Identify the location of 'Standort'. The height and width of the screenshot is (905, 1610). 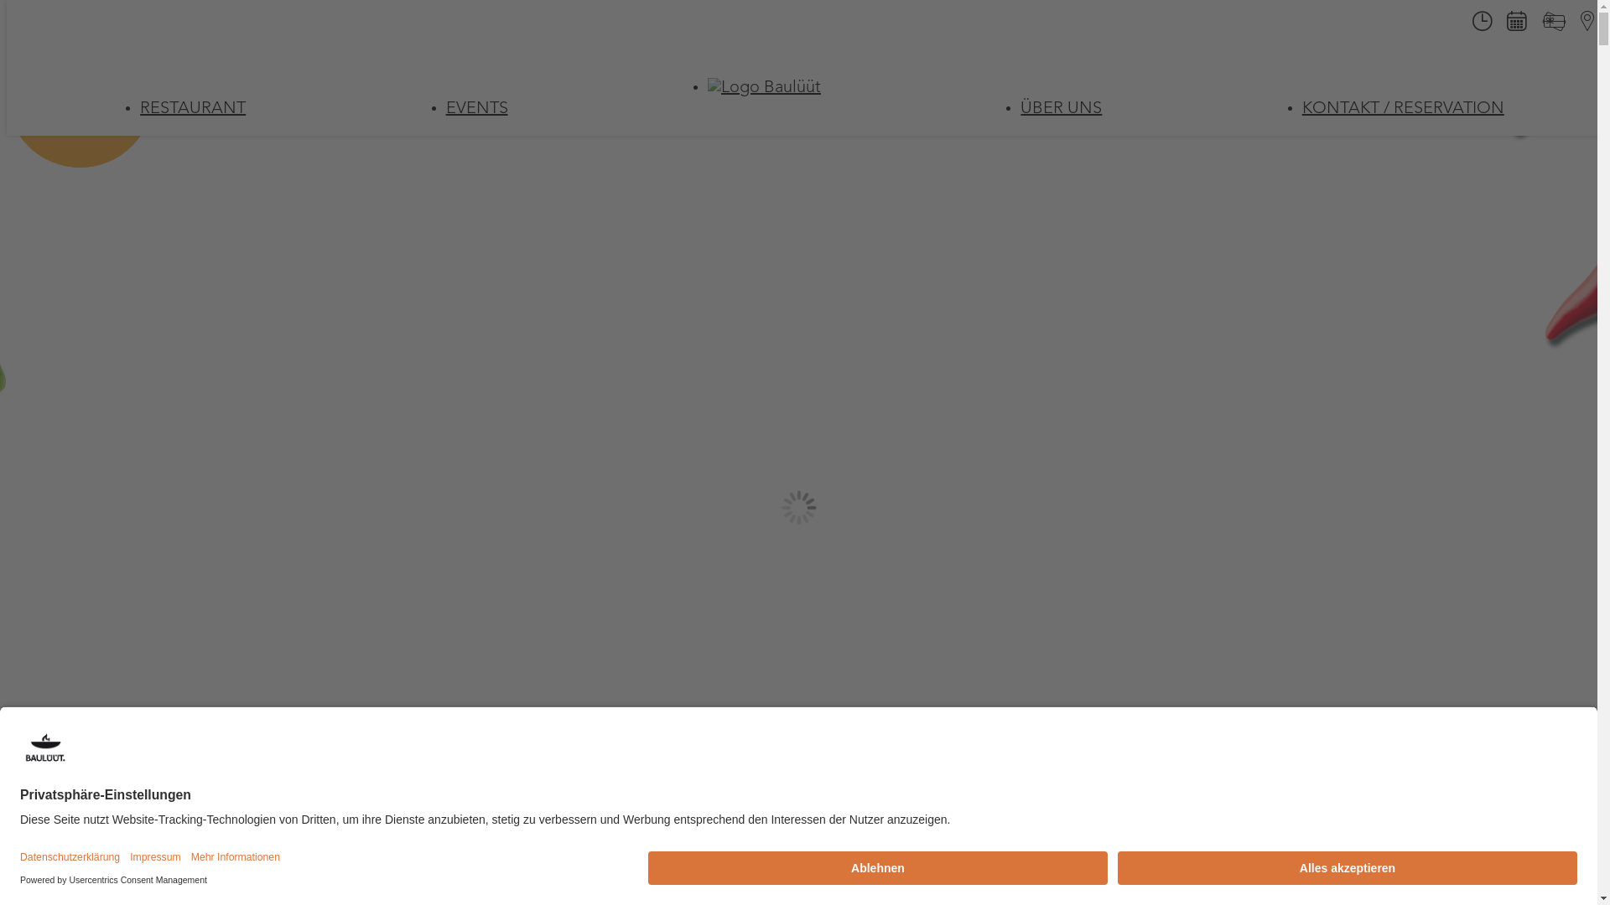
(1569, 25).